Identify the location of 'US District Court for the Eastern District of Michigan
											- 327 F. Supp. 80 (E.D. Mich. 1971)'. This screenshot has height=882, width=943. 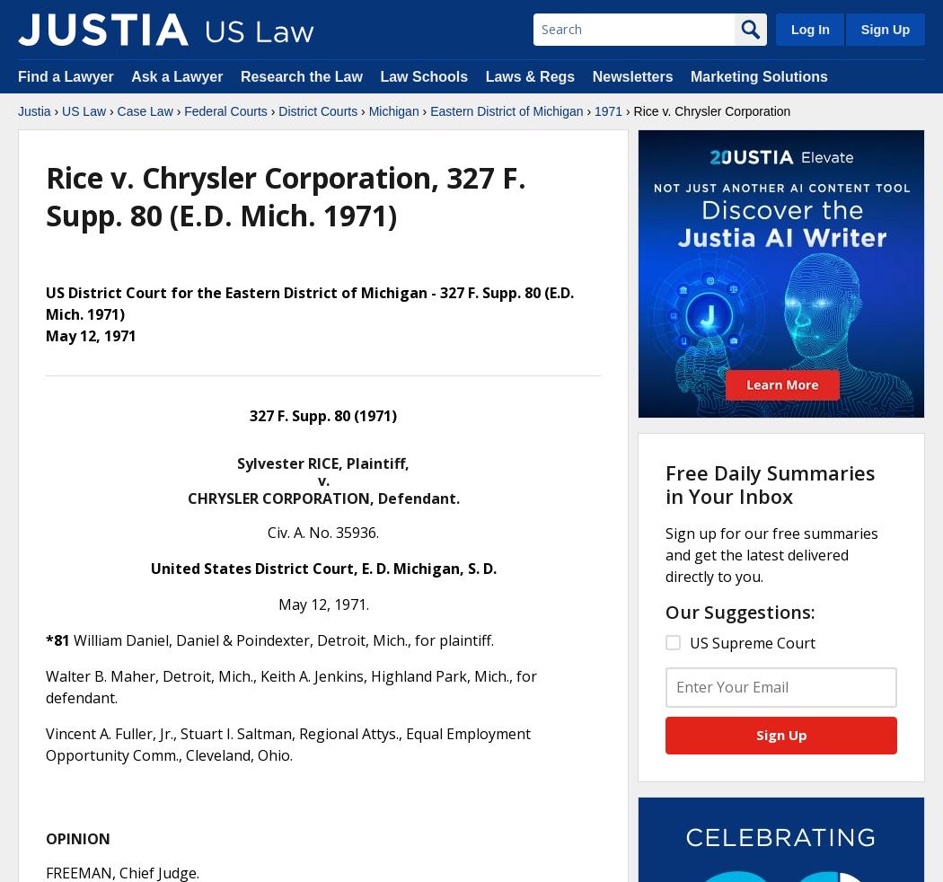
(309, 304).